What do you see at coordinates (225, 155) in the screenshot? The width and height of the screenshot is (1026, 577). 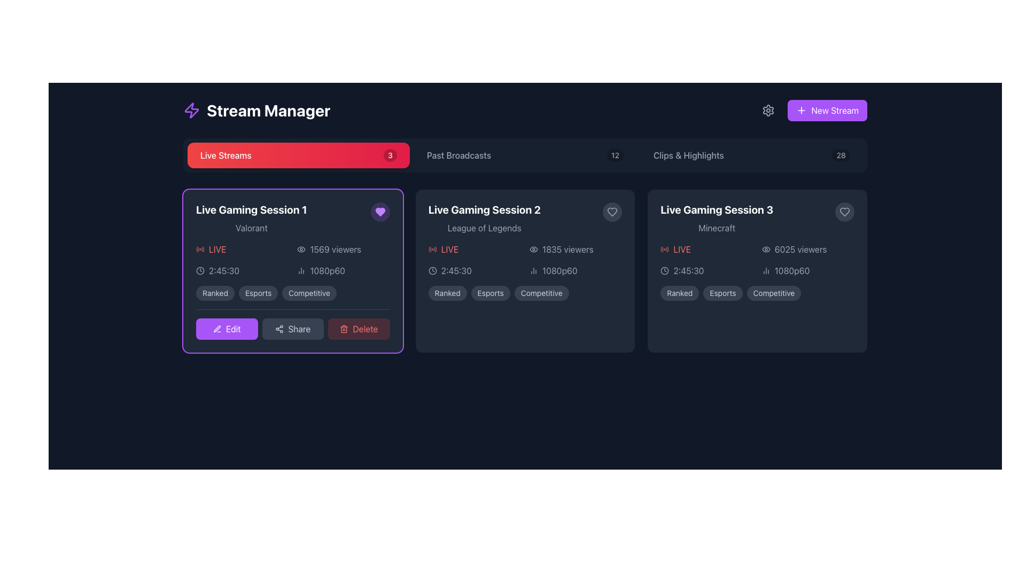 I see `the 'Live Streams' static text label, which is displayed in a bold white font on a prominent red button in the top section of the interface` at bounding box center [225, 155].